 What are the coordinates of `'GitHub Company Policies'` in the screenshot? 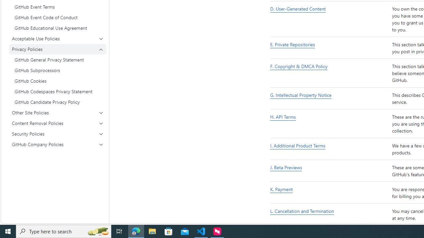 It's located at (58, 144).